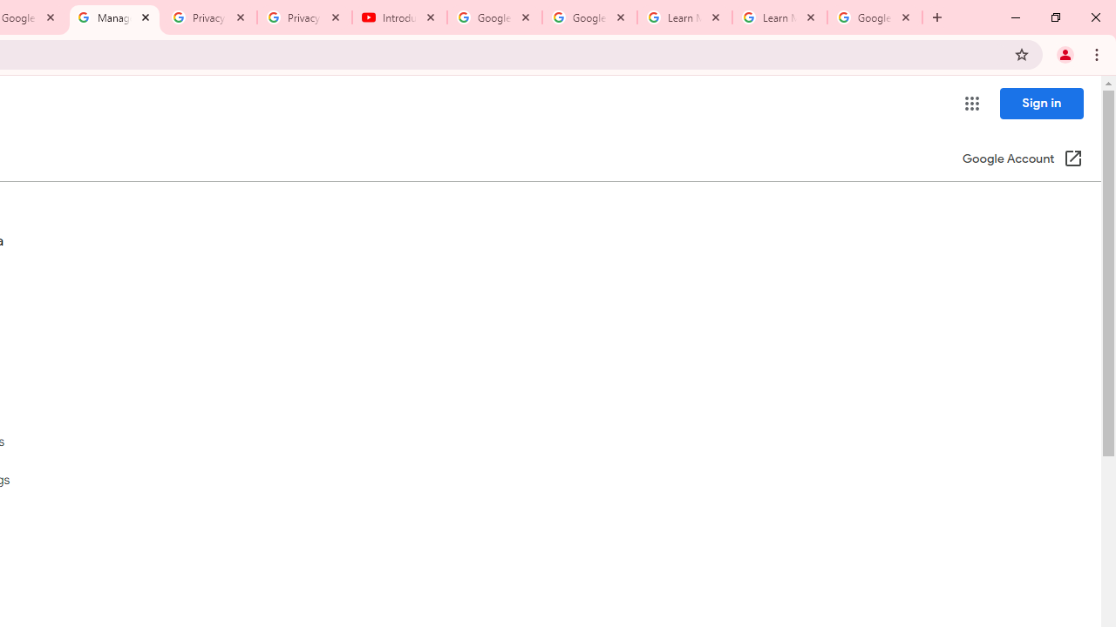 The image size is (1116, 627). I want to click on 'Google Account (Open in a new window)', so click(1023, 159).